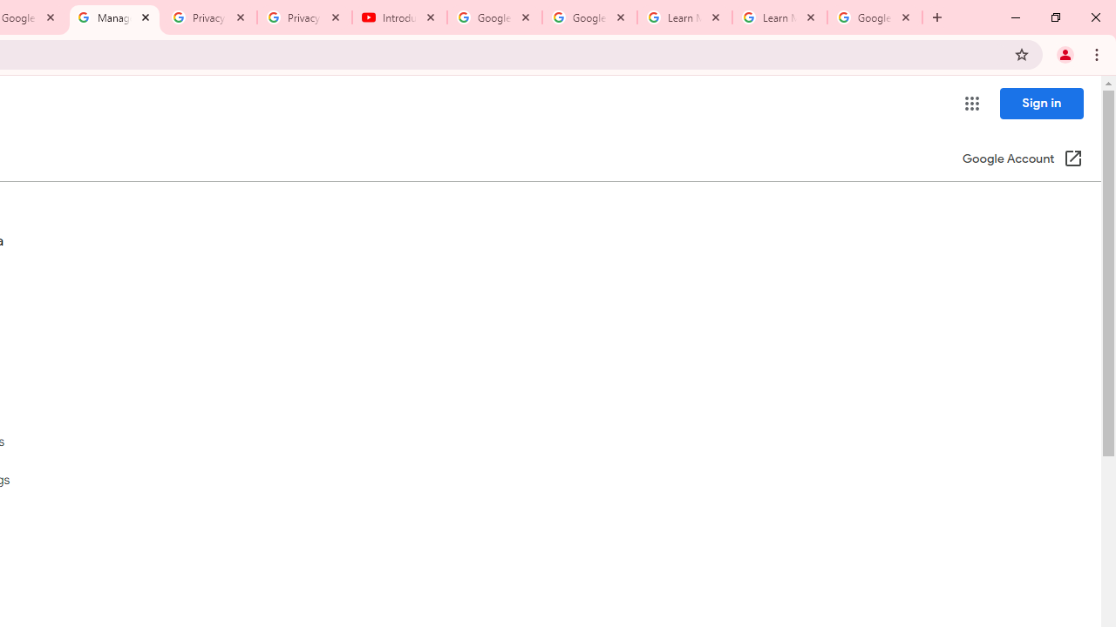 The image size is (1116, 627). I want to click on 'Google Account (Open in a new window)', so click(1023, 159).